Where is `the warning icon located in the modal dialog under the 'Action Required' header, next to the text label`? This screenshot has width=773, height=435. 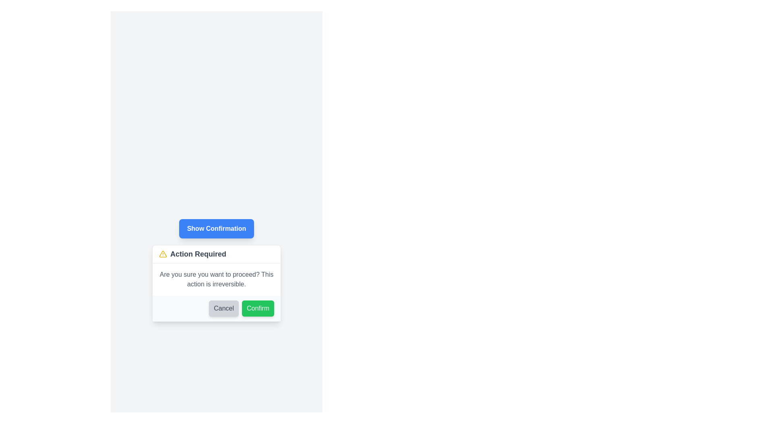
the warning icon located in the modal dialog under the 'Action Required' header, next to the text label is located at coordinates (162, 254).